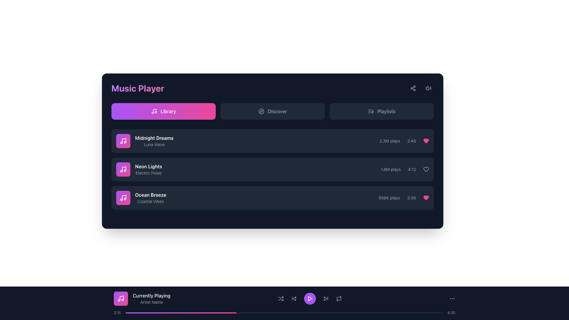 This screenshot has width=569, height=320. I want to click on the text label displaying information about the music track, which is positioned second from the top under the 'Library' tab in the Music Player interface, so click(139, 169).